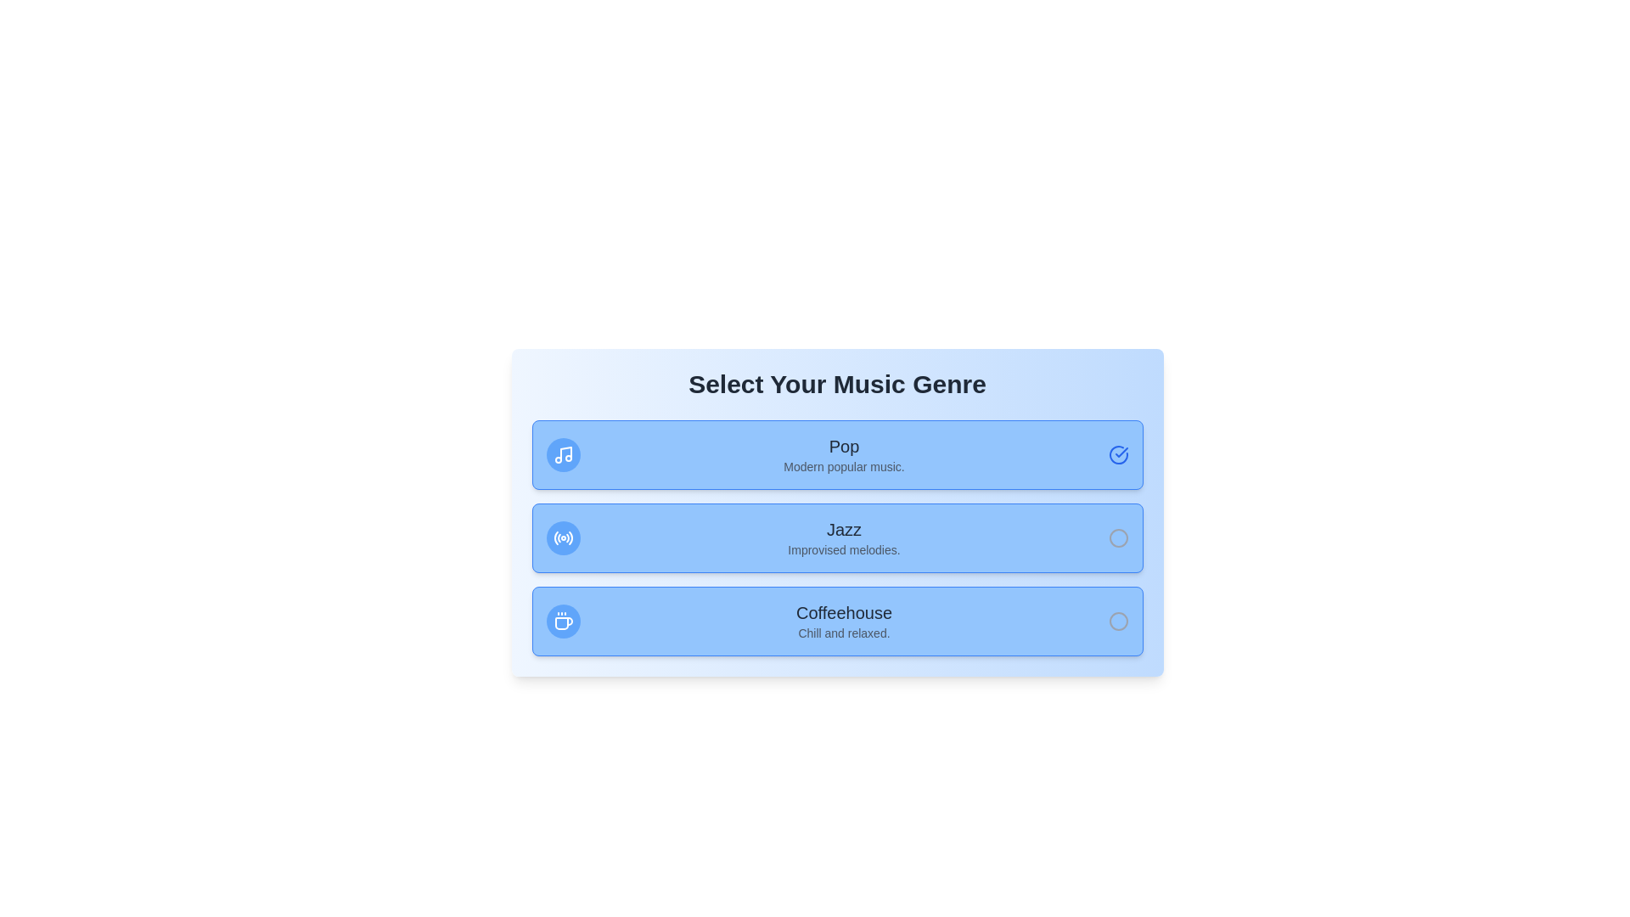 This screenshot has width=1630, height=917. I want to click on the third selectable indicator (radio button) for the 'Coffeehouse' genre to toggle its selection state, so click(1118, 622).